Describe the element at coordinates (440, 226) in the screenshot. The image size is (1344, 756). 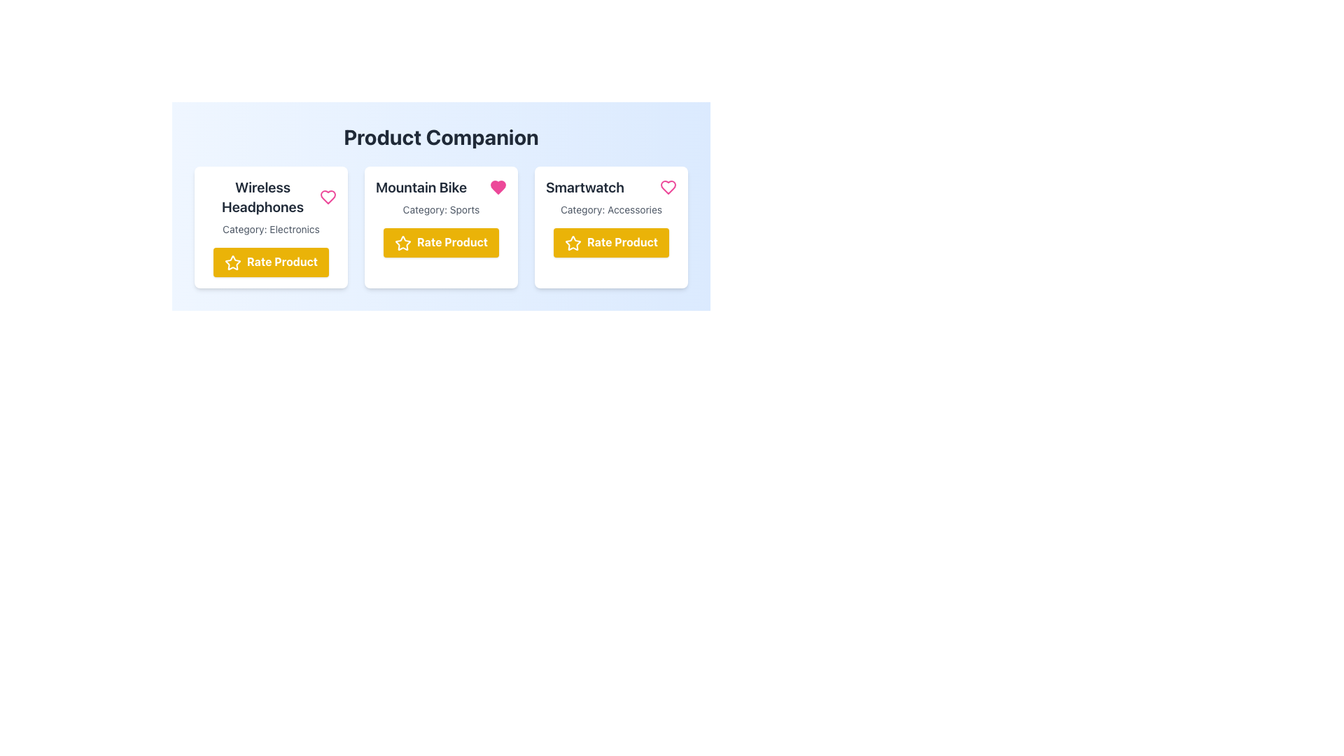
I see `the 'Rate Product' button located at the bottom of the Product card titled 'Mountain Bike', which has a white background and a yellow button with bold white text` at that location.